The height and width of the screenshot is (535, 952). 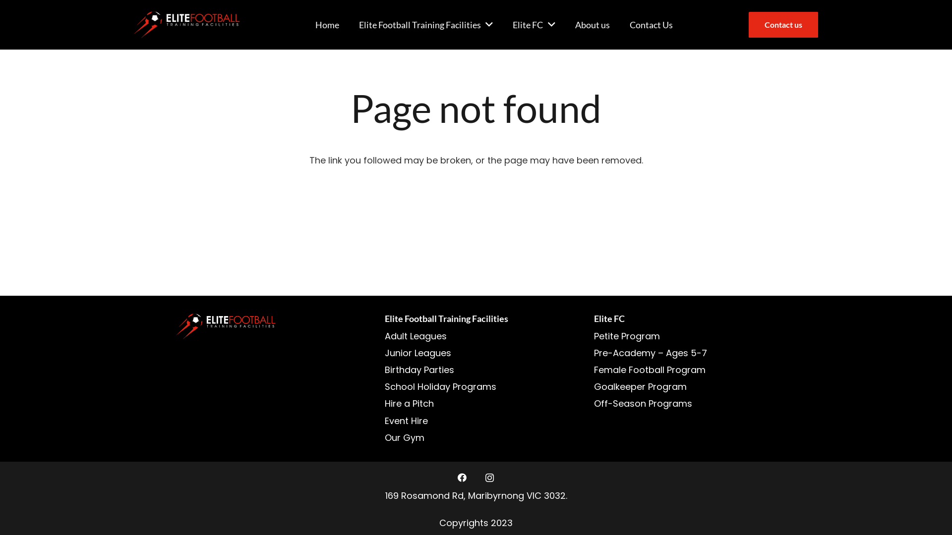 What do you see at coordinates (462, 477) in the screenshot?
I see `'Facebook'` at bounding box center [462, 477].